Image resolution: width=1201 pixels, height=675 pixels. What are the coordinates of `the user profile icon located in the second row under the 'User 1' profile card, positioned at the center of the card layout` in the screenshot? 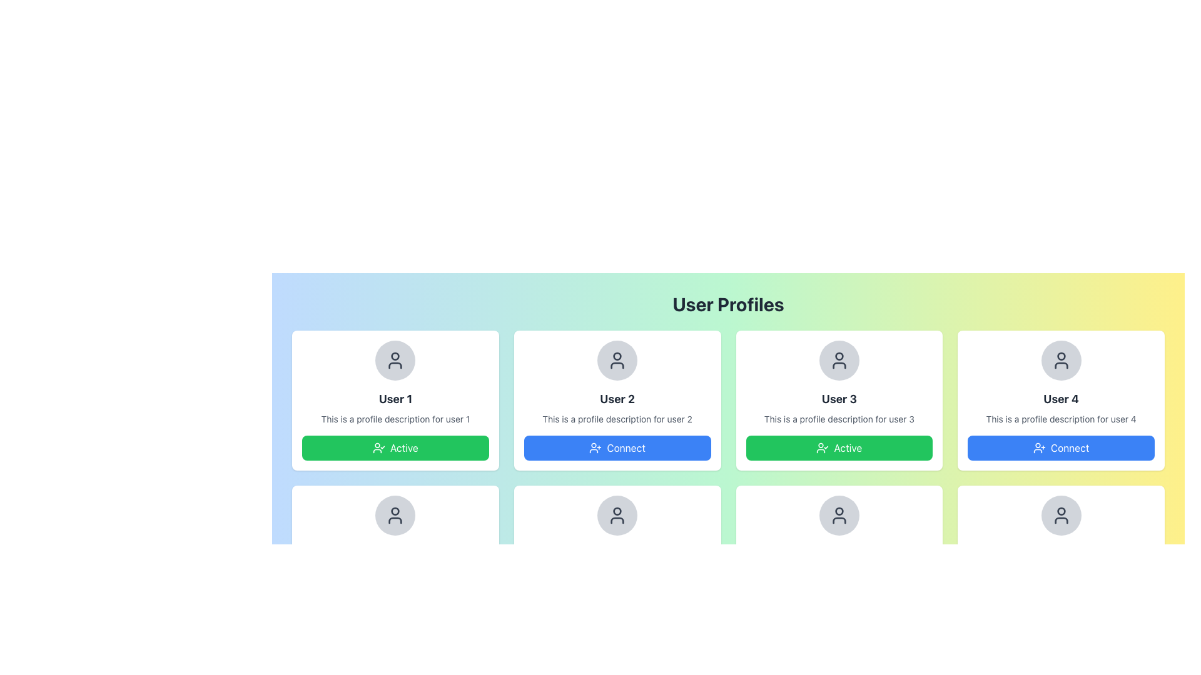 It's located at (395, 511).